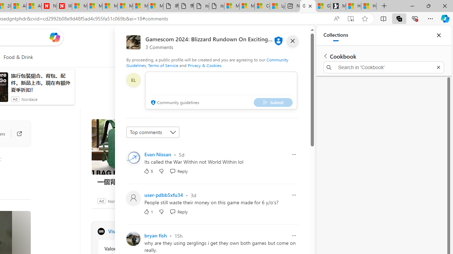 Image resolution: width=453 pixels, height=254 pixels. What do you see at coordinates (220, 90) in the screenshot?
I see `'comment-box'` at bounding box center [220, 90].